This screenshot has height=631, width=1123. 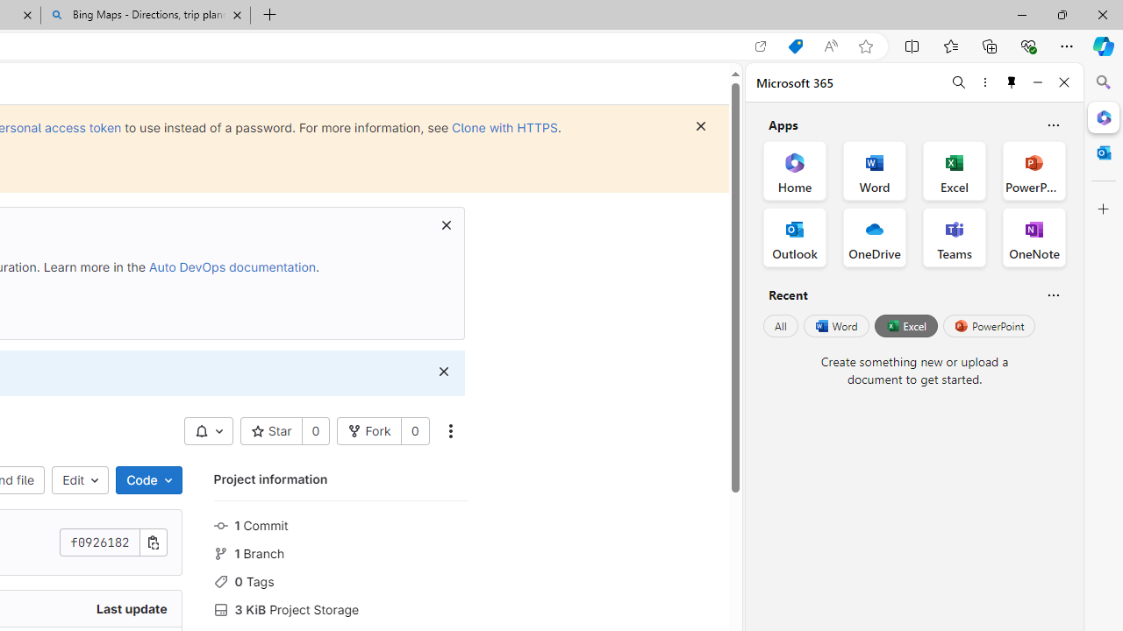 What do you see at coordinates (875, 171) in the screenshot?
I see `'Word Office App'` at bounding box center [875, 171].